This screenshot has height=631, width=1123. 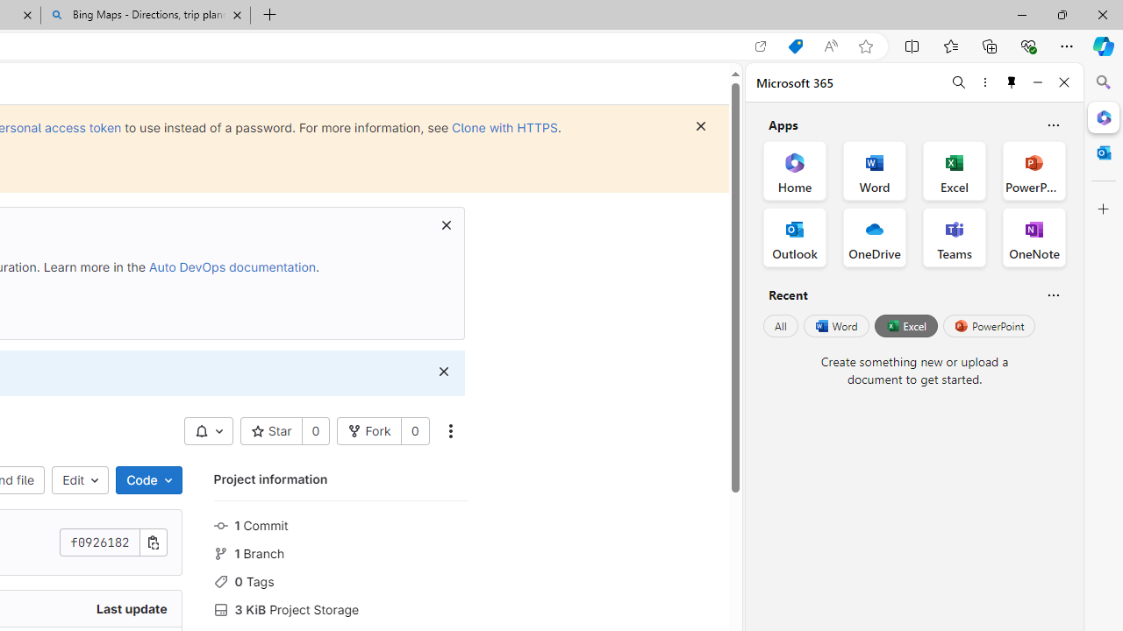 What do you see at coordinates (875, 171) in the screenshot?
I see `'Word Office App'` at bounding box center [875, 171].